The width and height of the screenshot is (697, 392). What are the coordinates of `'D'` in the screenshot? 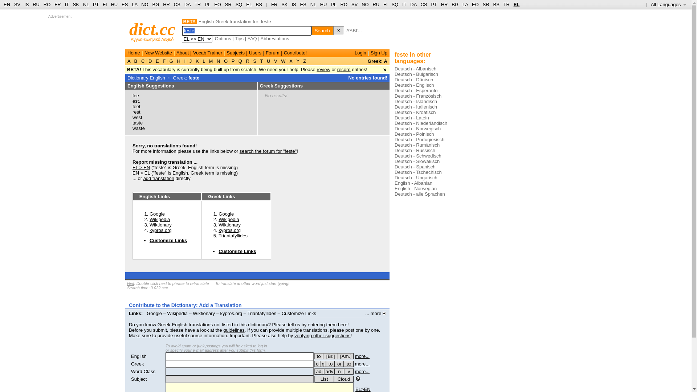 It's located at (150, 61).